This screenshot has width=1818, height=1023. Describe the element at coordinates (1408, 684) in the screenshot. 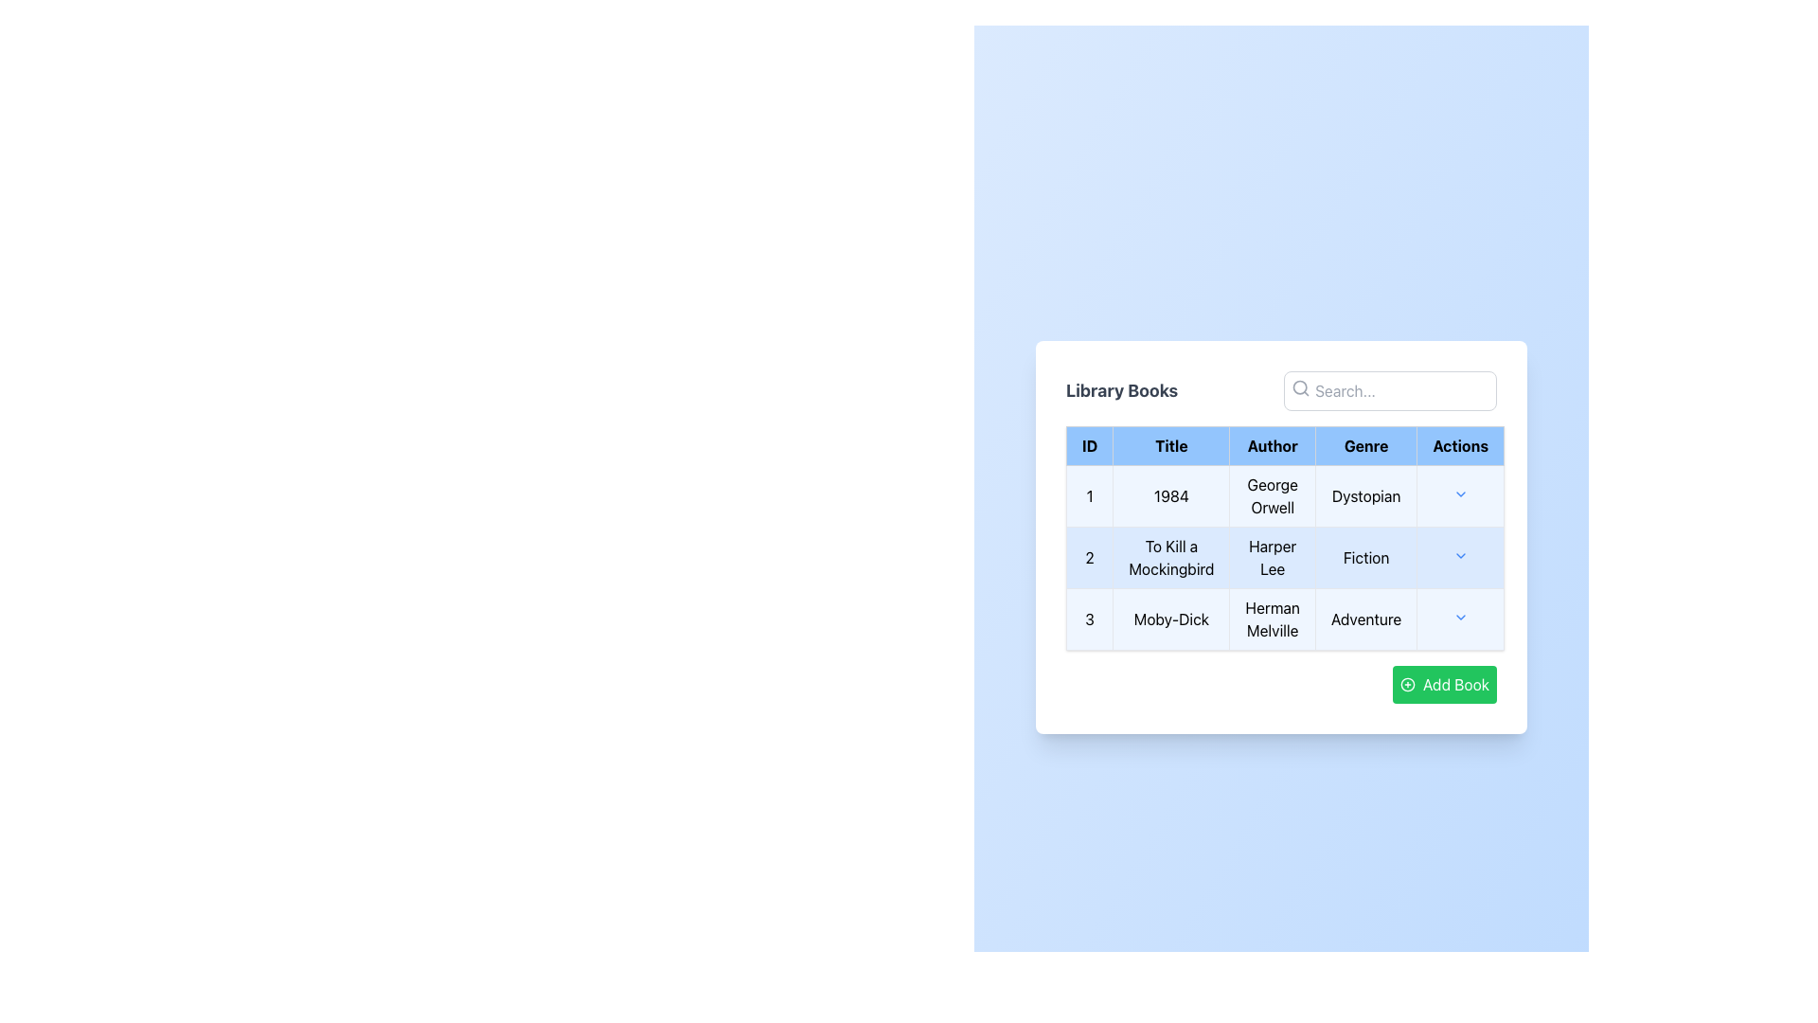

I see `the 'Add' icon within the green 'Add Book' button located at the bottom right of the book table card` at that location.